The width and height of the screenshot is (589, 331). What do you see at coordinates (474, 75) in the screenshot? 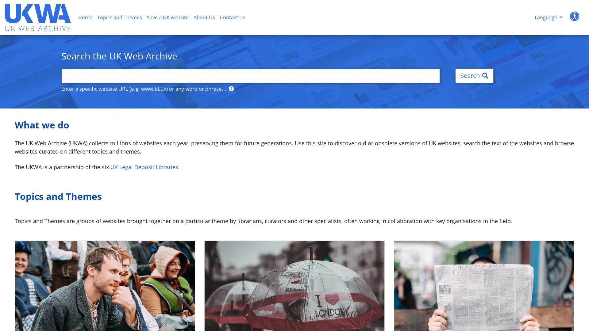
I see `Search` at bounding box center [474, 75].